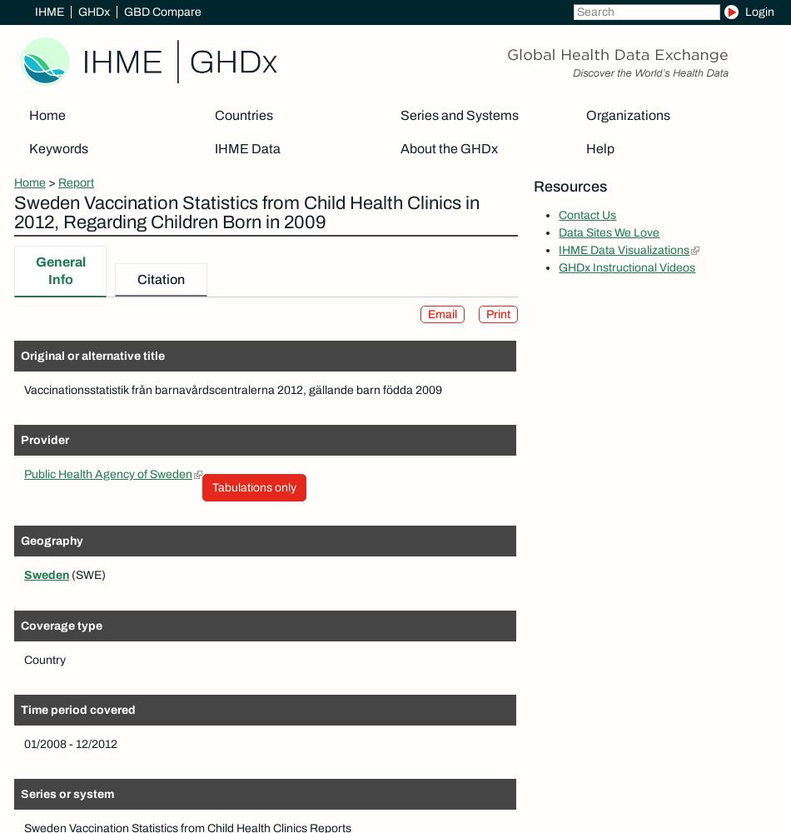 This screenshot has width=791, height=833. I want to click on 'Original or alternative title', so click(93, 356).